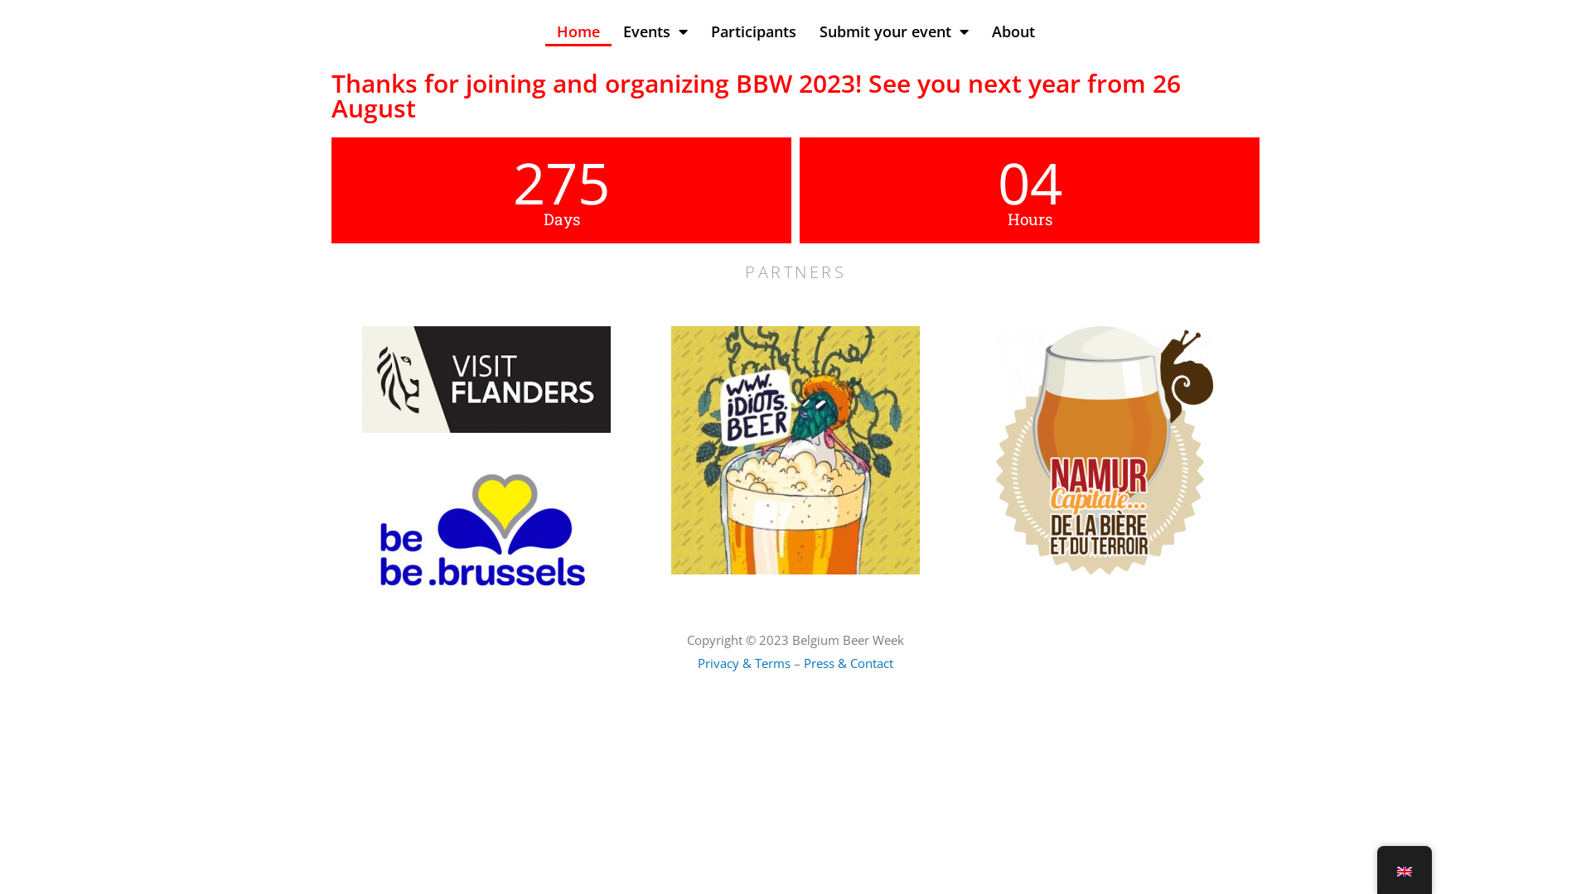  What do you see at coordinates (544, 31) in the screenshot?
I see `'Home'` at bounding box center [544, 31].